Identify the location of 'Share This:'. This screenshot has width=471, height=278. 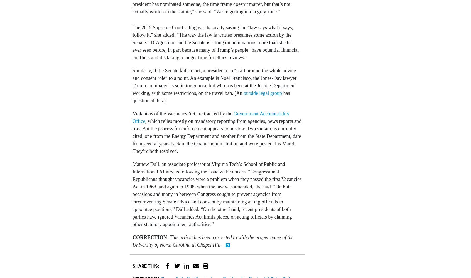
(146, 266).